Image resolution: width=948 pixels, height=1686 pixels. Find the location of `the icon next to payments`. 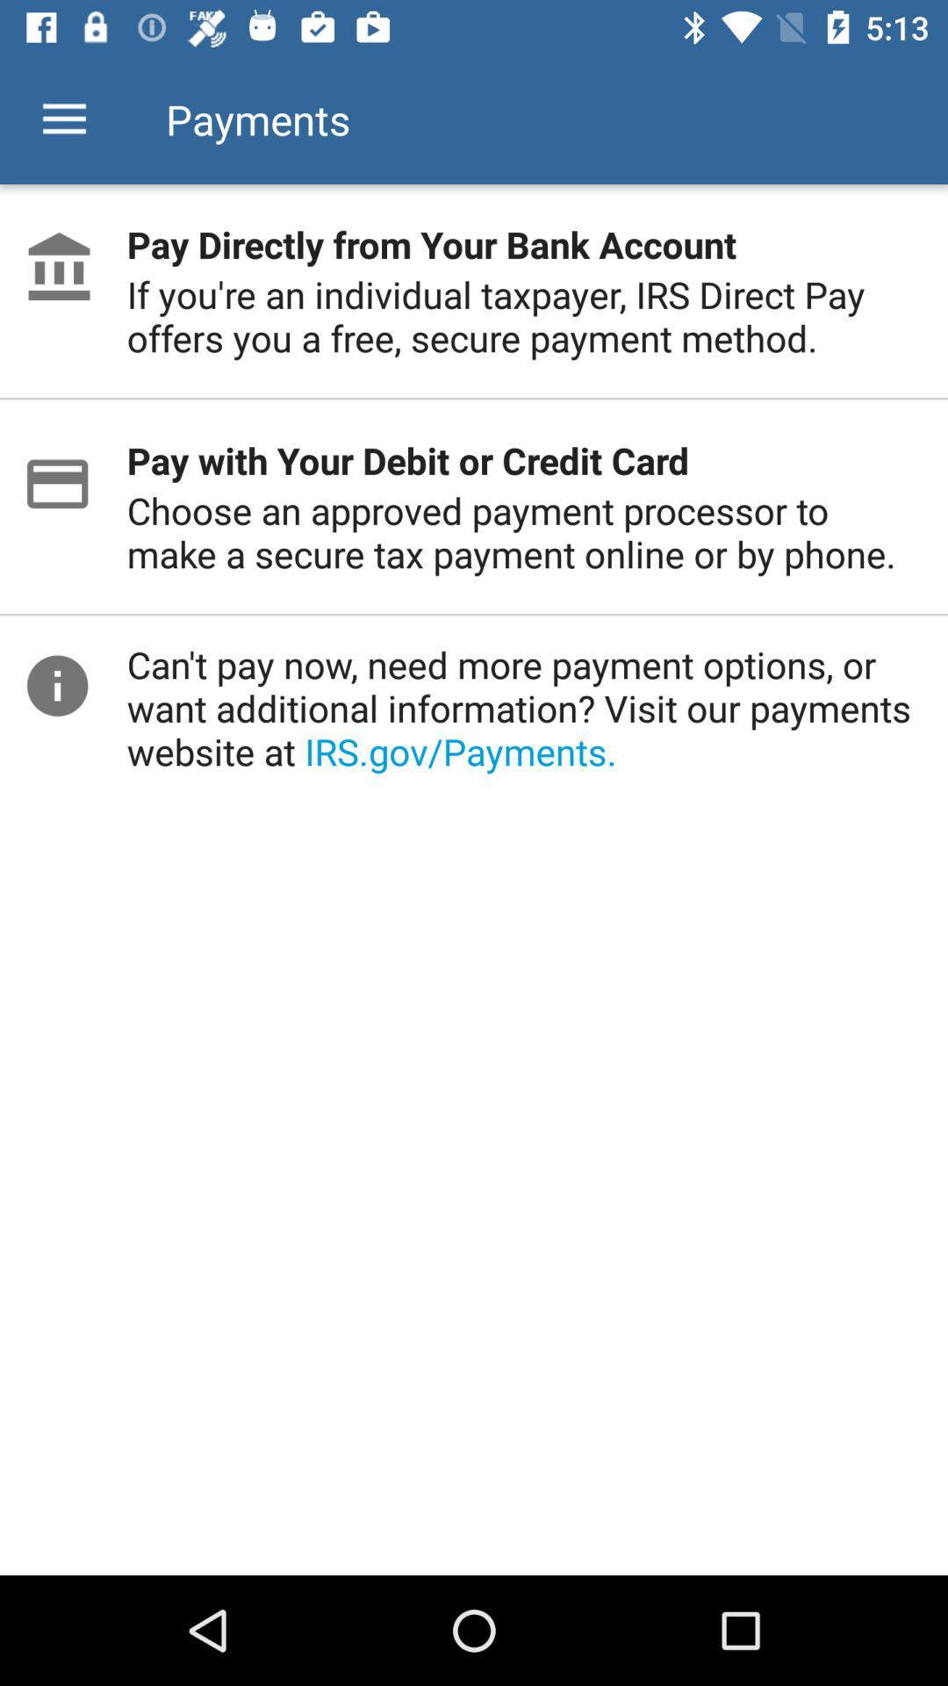

the icon next to payments is located at coordinates (63, 119).